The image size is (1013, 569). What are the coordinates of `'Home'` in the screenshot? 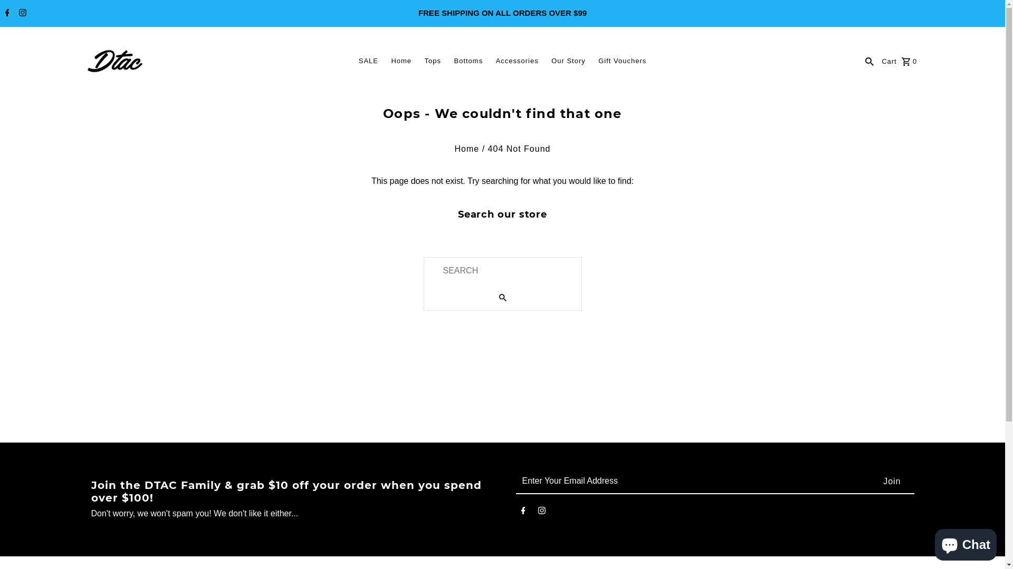 It's located at (466, 149).